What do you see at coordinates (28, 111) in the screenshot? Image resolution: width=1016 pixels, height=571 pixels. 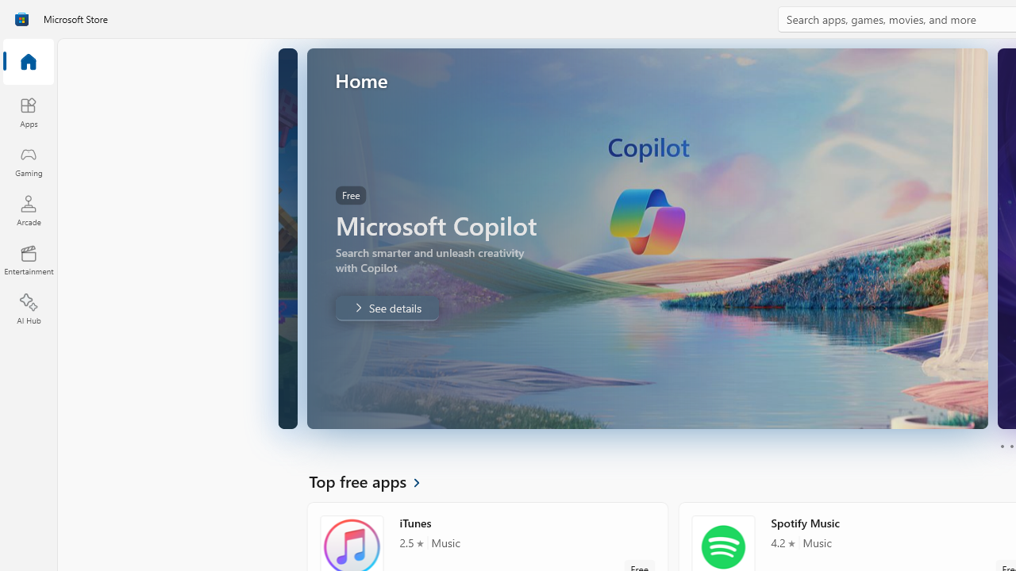 I see `'Apps'` at bounding box center [28, 111].